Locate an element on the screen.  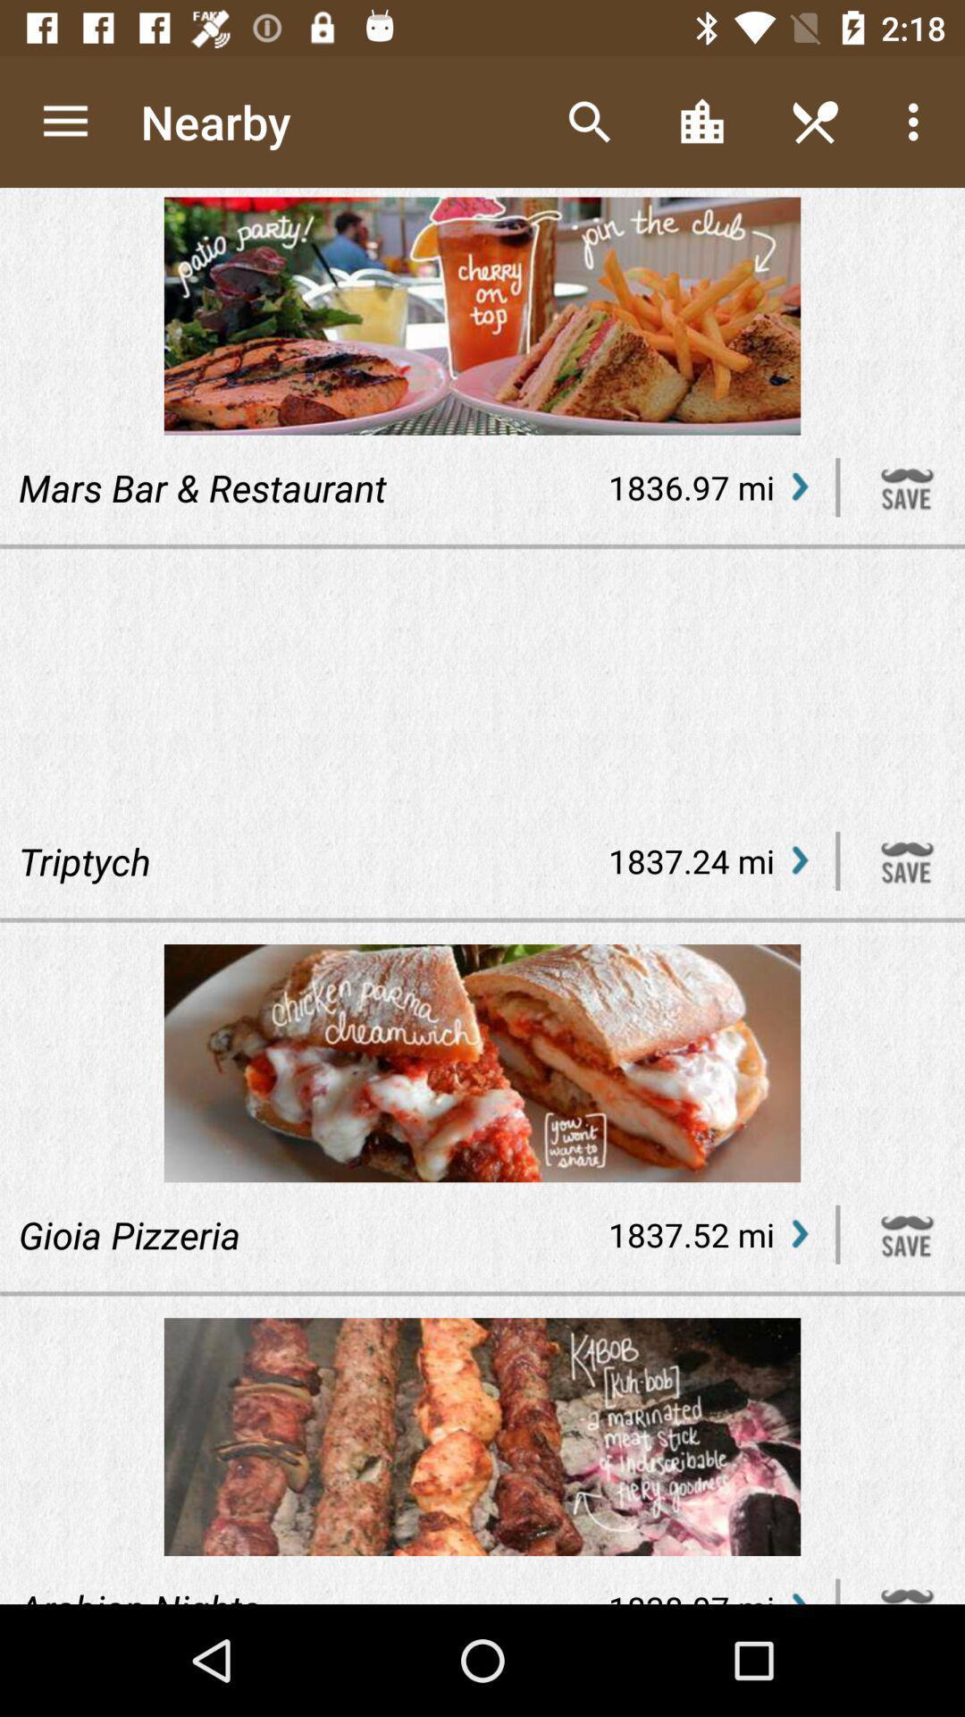
the restaurant is located at coordinates (907, 861).